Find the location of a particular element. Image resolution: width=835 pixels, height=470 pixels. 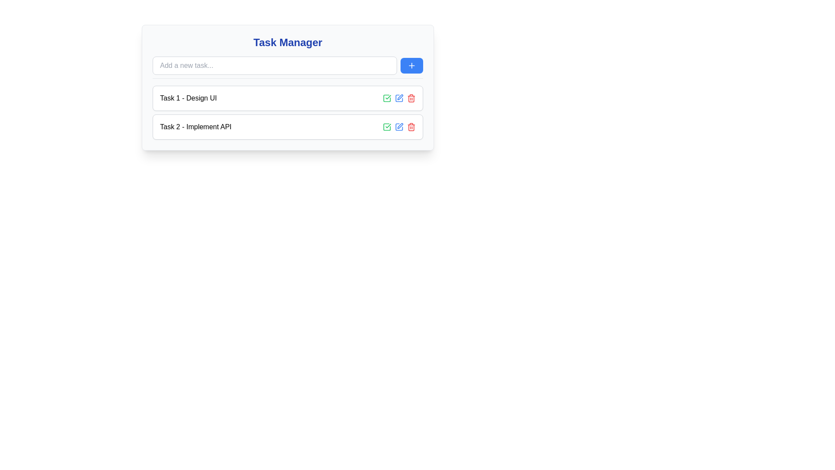

the green checkmark icon button in the task management UI is located at coordinates (386, 127).